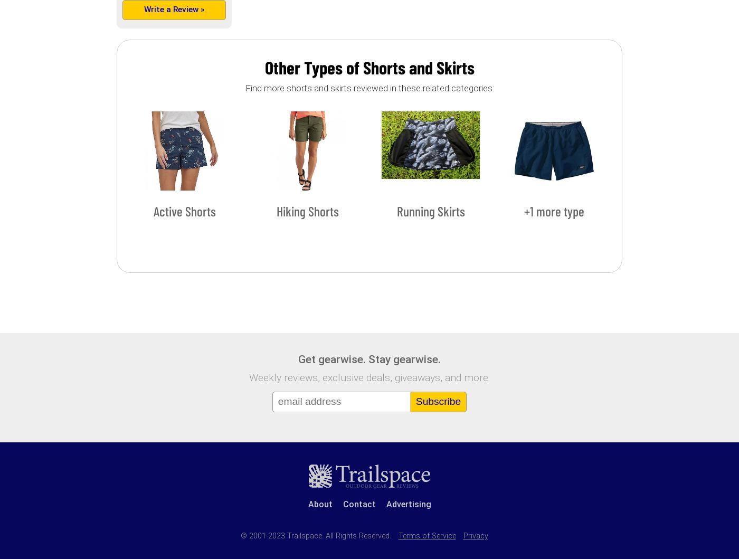 This screenshot has width=739, height=559. I want to click on 'Weekly reviews, exclusive deals, giveaways, and more:', so click(369, 377).